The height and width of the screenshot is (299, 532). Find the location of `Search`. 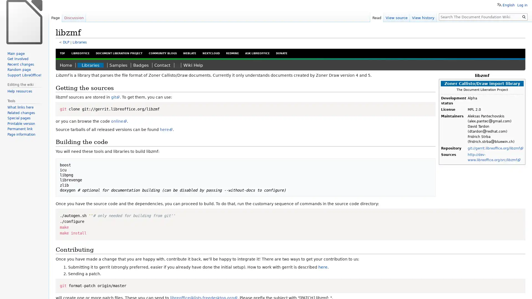

Search is located at coordinates (524, 17).